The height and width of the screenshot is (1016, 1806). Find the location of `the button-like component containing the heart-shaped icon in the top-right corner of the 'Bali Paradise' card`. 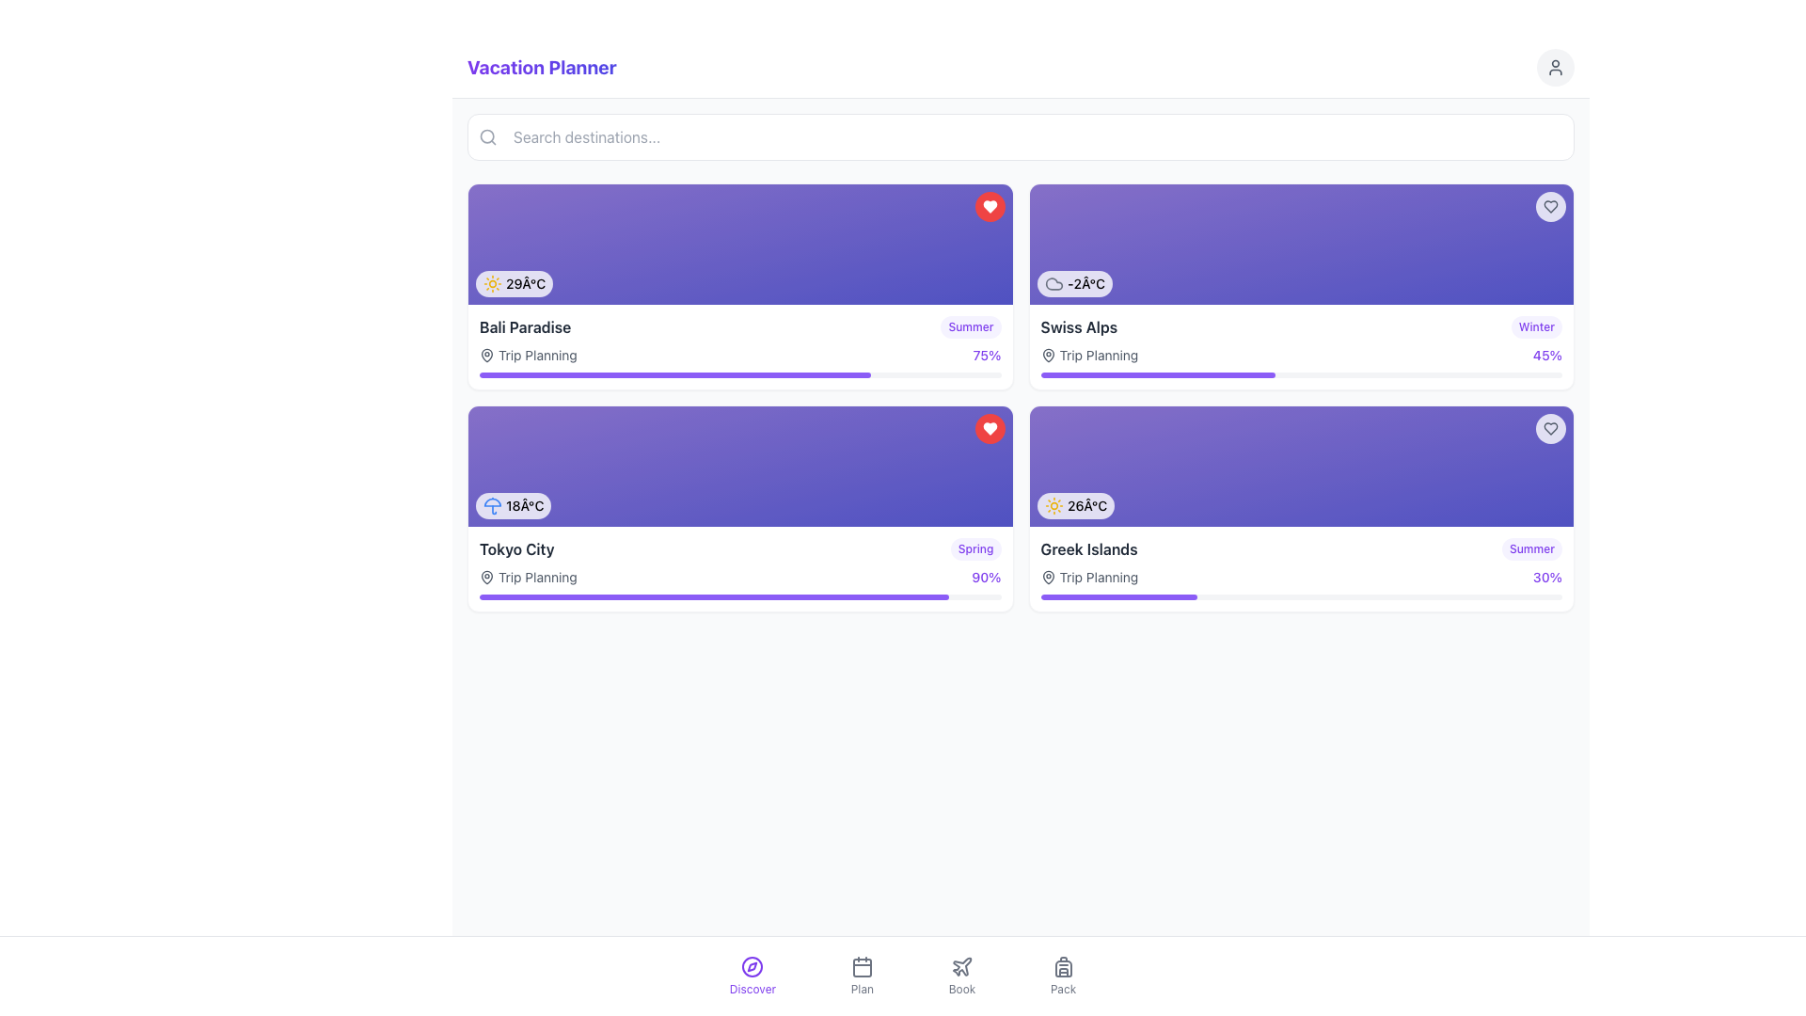

the button-like component containing the heart-shaped icon in the top-right corner of the 'Bali Paradise' card is located at coordinates (989, 206).